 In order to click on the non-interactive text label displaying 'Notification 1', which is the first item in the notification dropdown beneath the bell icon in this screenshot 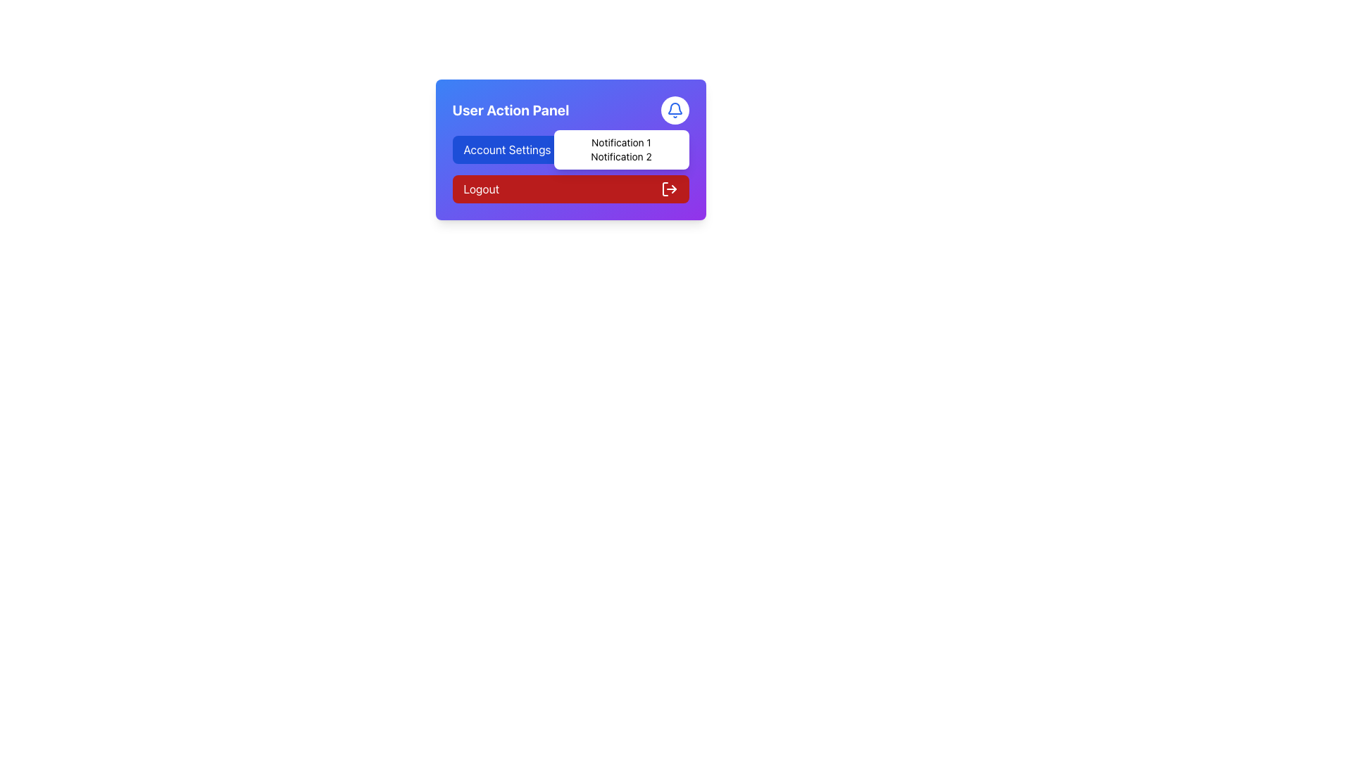, I will do `click(620, 143)`.